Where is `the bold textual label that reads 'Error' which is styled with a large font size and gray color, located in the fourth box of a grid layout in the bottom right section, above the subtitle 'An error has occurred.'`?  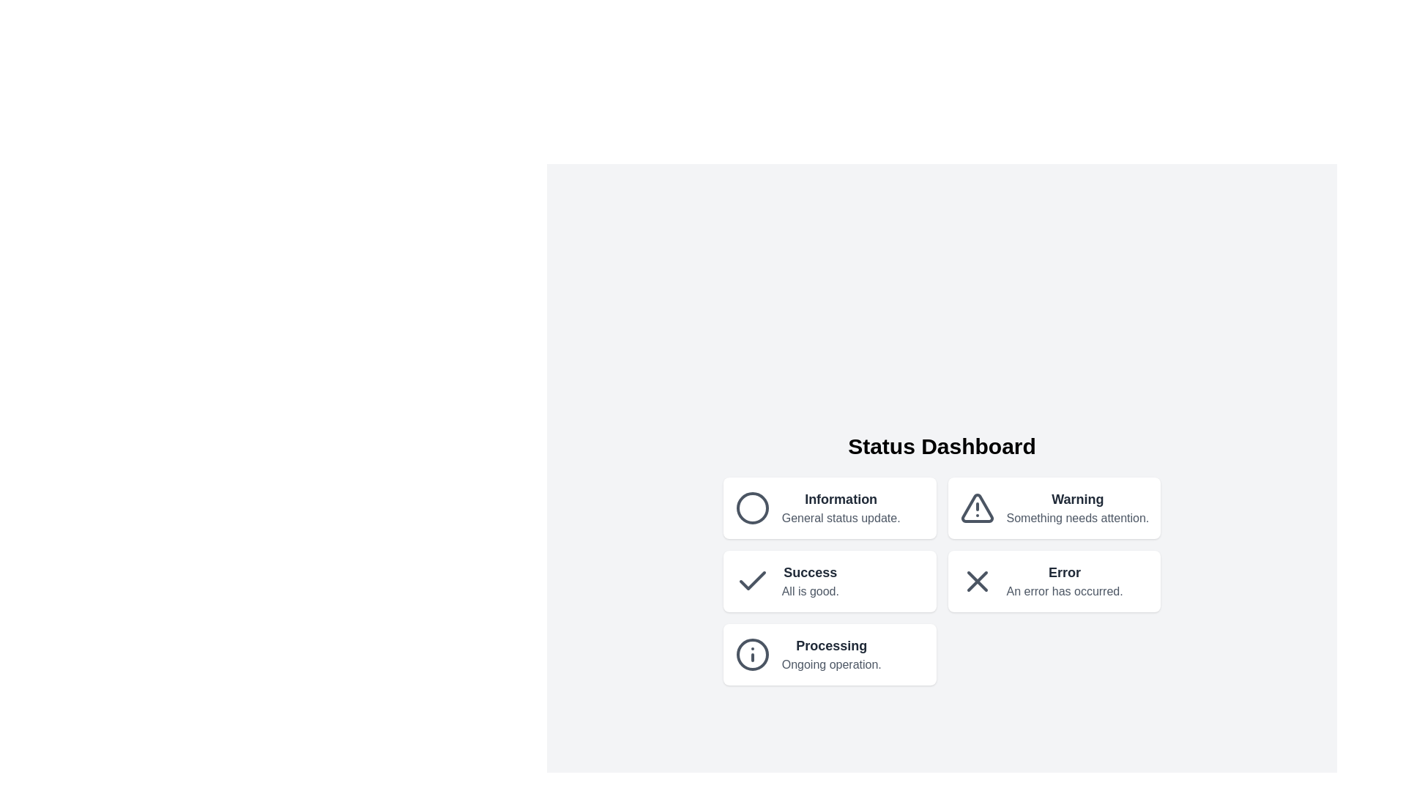
the bold textual label that reads 'Error' which is styled with a large font size and gray color, located in the fourth box of a grid layout in the bottom right section, above the subtitle 'An error has occurred.' is located at coordinates (1065, 572).